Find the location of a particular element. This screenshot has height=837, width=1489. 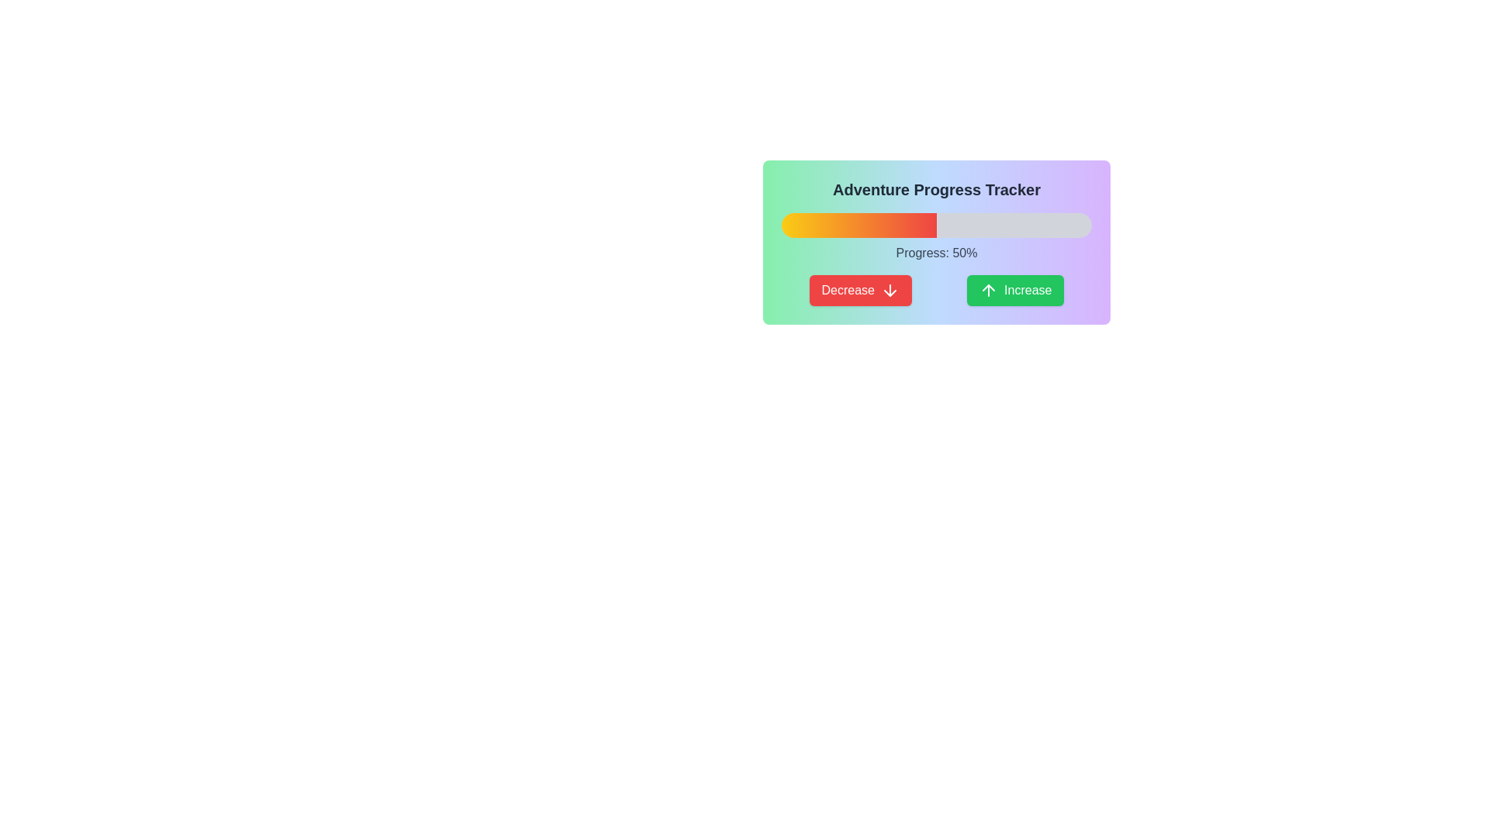

the SVG-rendered downward arrow icon located on the right side of the red 'Decrease' button in the 'Adventure Progress Tracker' interface is located at coordinates (890, 290).